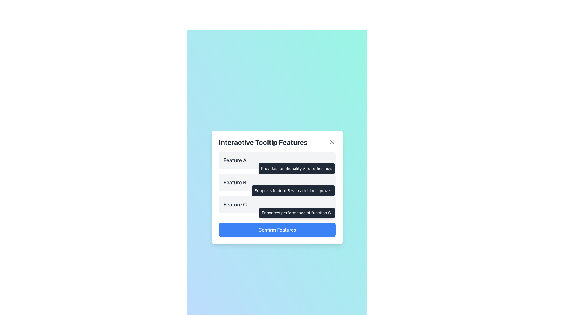  Describe the element at coordinates (277, 160) in the screenshot. I see `the visual presentation of the informational label for 'Feature A' located under the header 'Interactive Tooltip Features.'` at that location.